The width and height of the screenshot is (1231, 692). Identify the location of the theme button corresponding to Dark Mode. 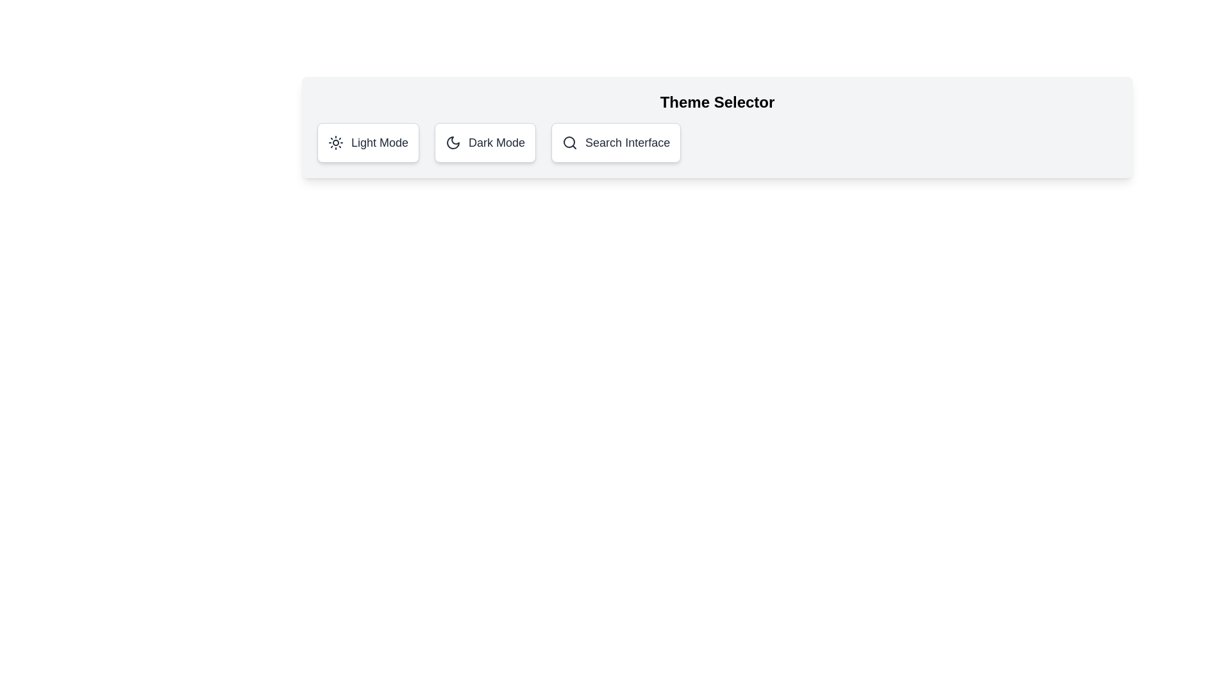
(485, 143).